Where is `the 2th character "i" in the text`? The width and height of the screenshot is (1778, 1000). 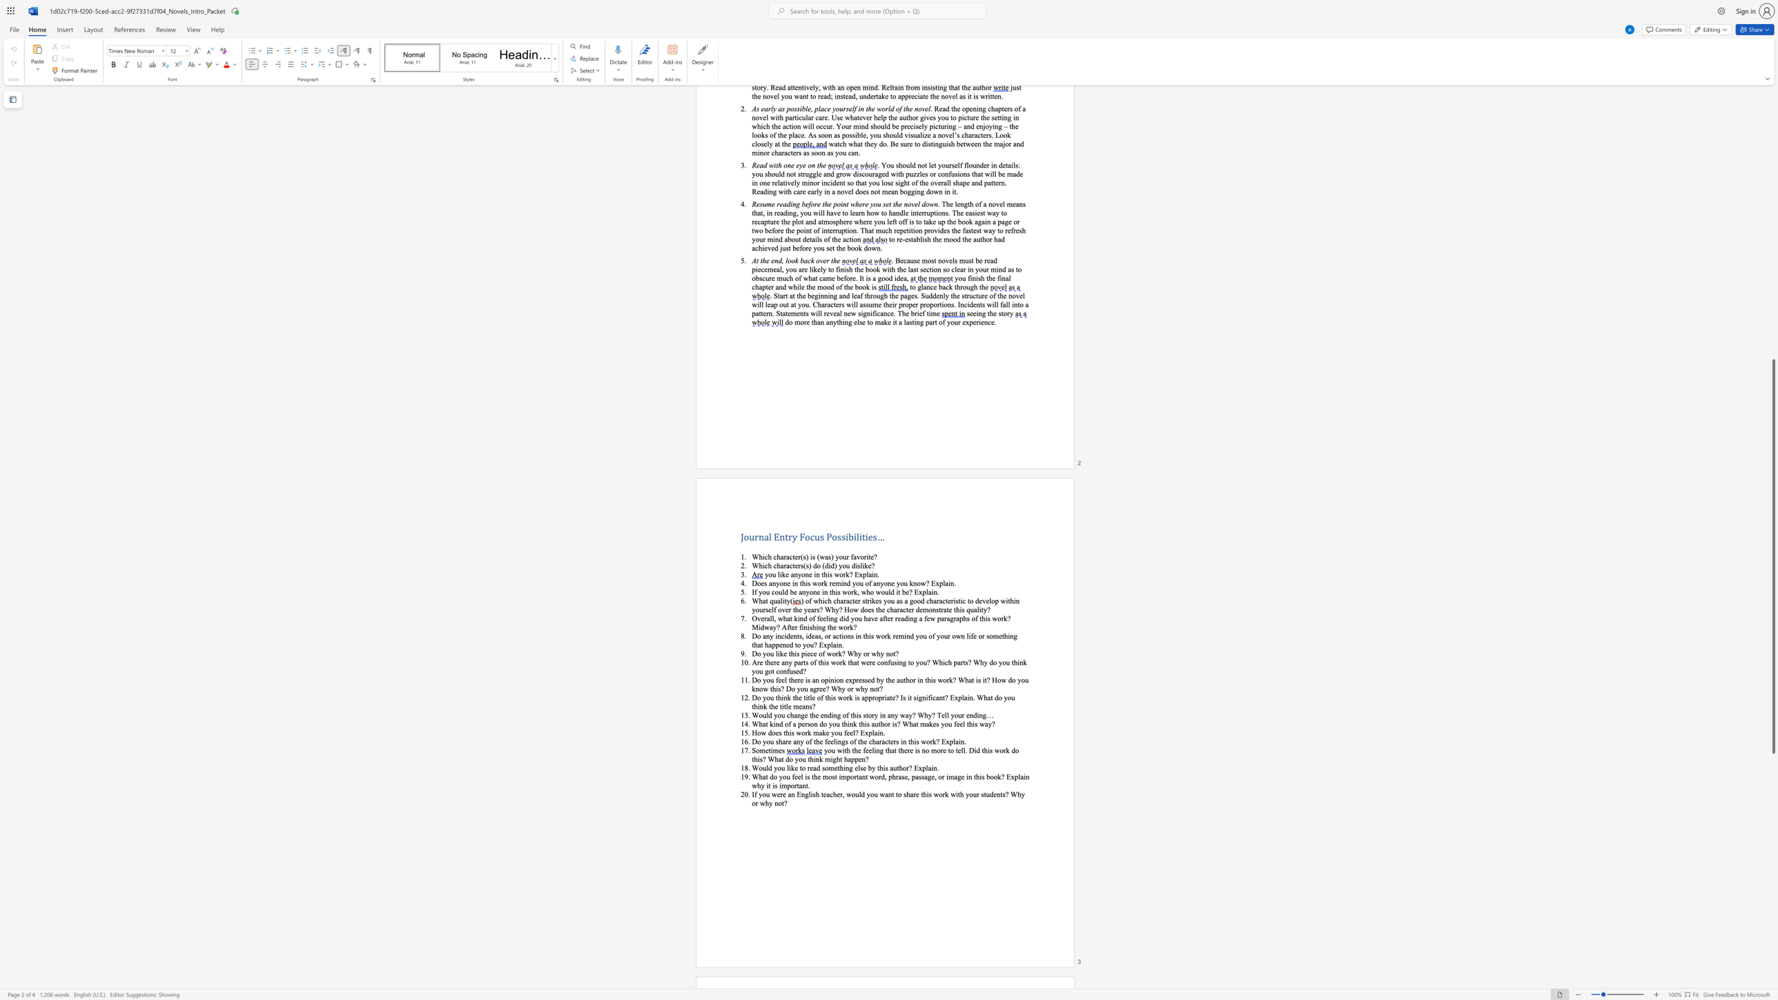 the 2th character "i" in the text is located at coordinates (829, 680).